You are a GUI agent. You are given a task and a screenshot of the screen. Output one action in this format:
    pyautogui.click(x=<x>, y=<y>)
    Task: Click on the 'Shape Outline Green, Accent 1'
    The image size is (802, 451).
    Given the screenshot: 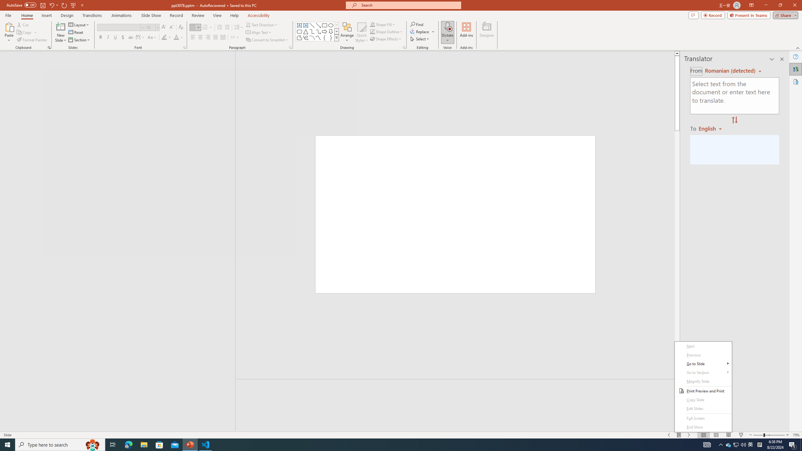 What is the action you would take?
    pyautogui.click(x=372, y=31)
    